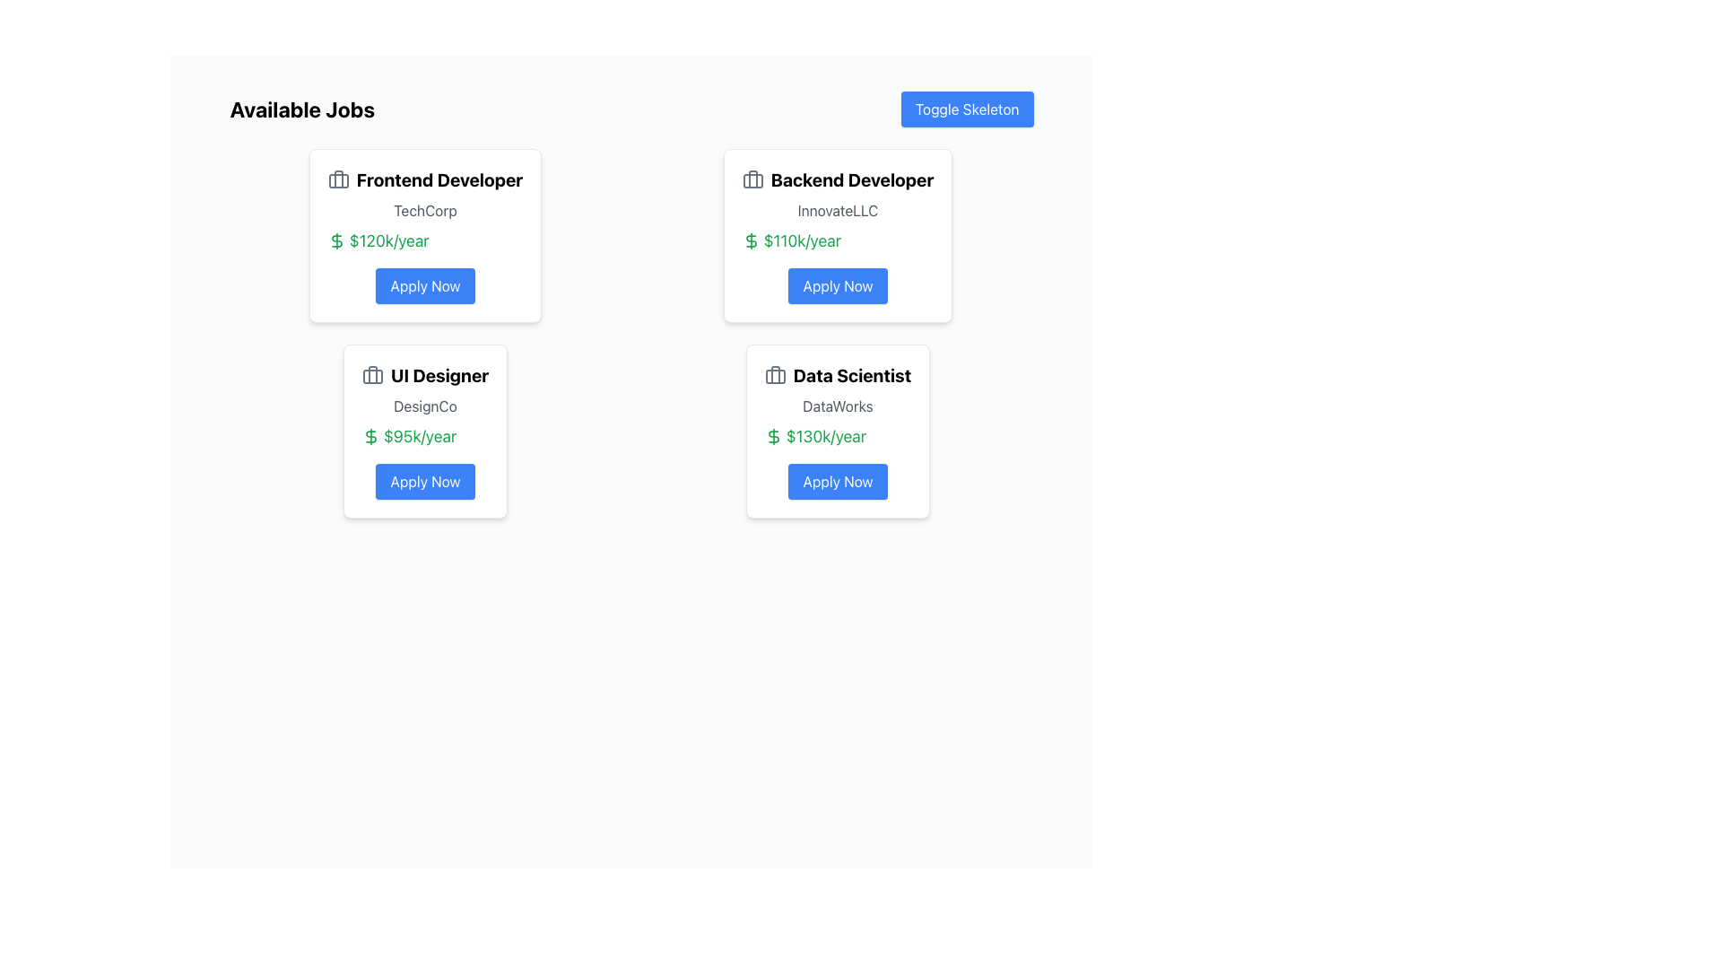  What do you see at coordinates (424, 179) in the screenshot?
I see `the job title text element located in the top-left card of the job listings` at bounding box center [424, 179].